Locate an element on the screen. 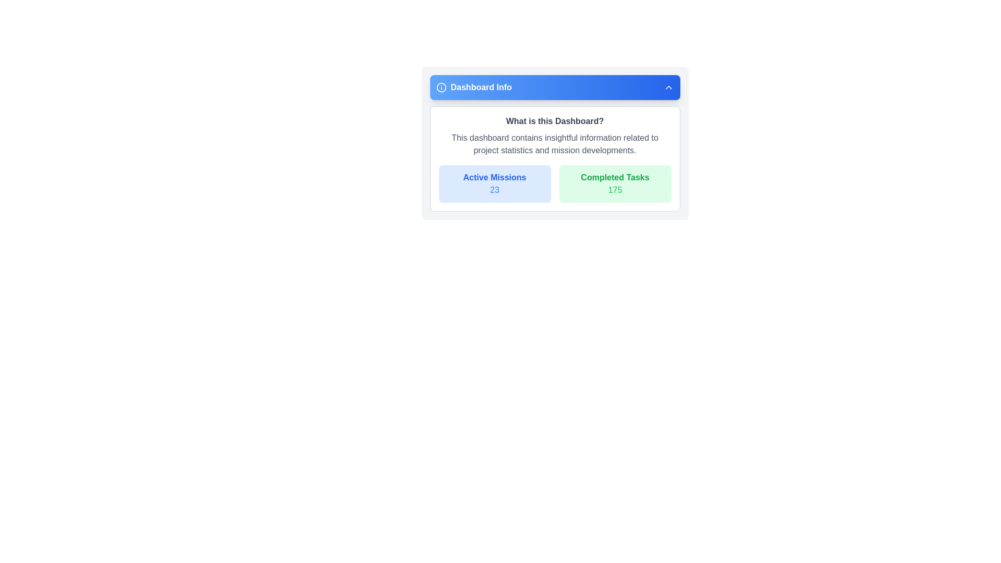 Image resolution: width=1001 pixels, height=563 pixels. the static text paragraph styled in gray, located centrally below the title 'What is this Dashboard?' in the white card section is located at coordinates (554, 144).